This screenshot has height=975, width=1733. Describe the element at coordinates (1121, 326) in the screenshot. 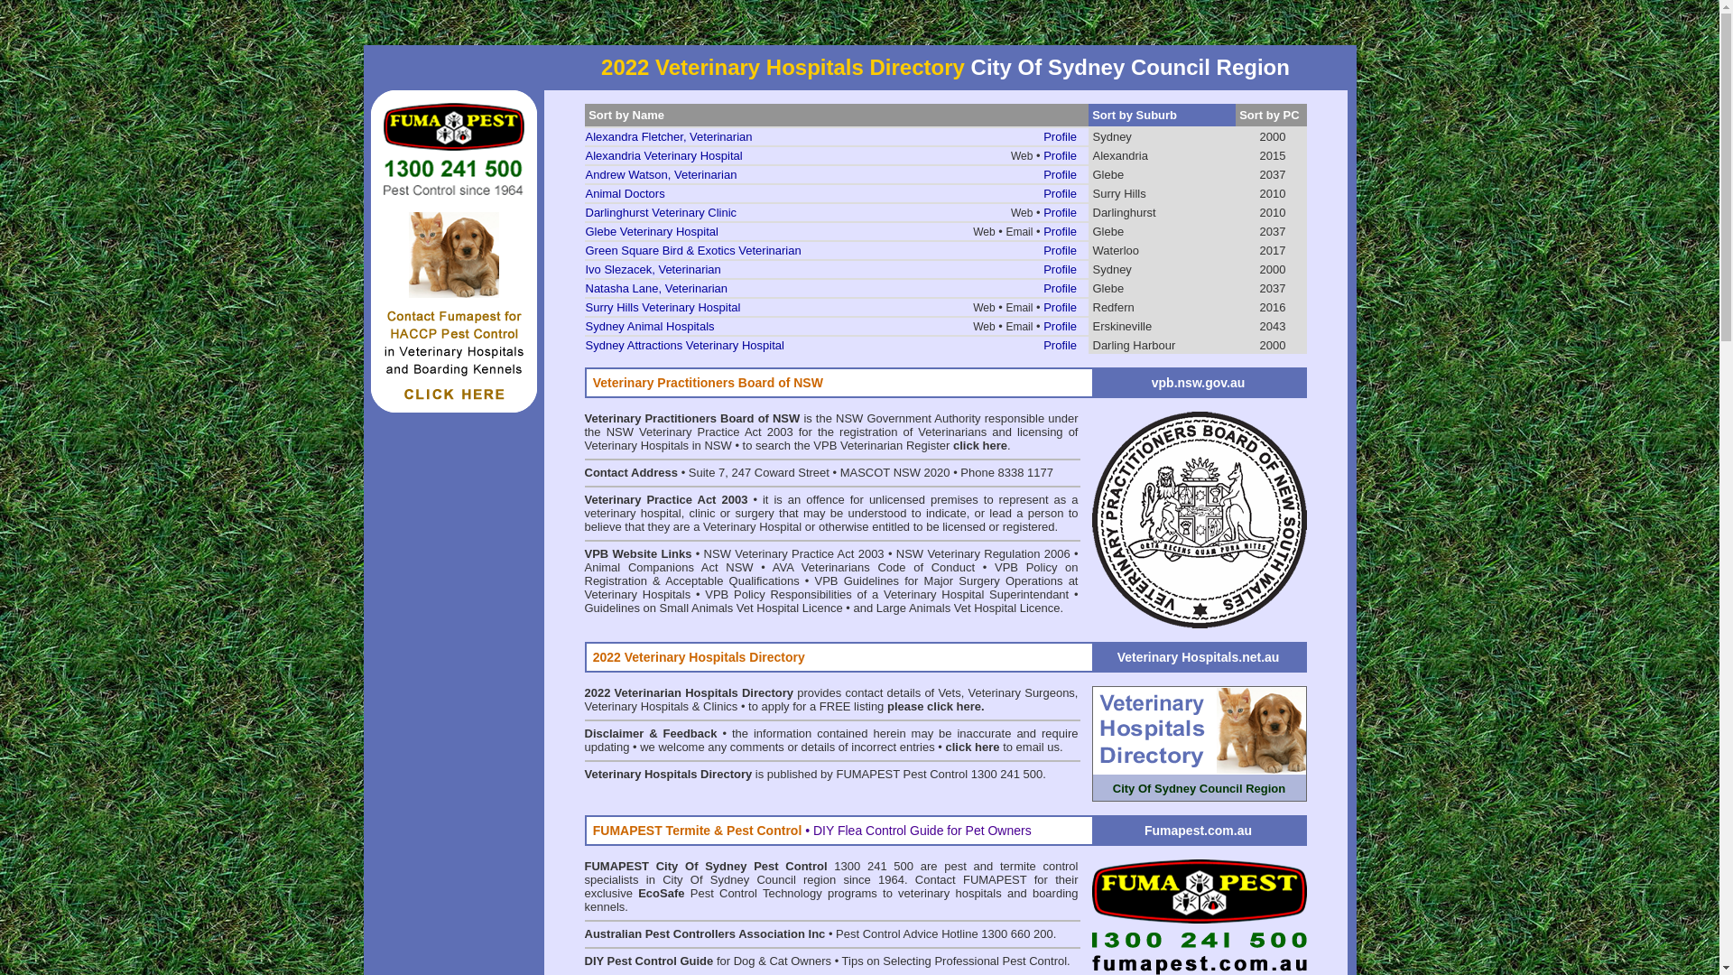

I see `'Erskineville'` at that location.